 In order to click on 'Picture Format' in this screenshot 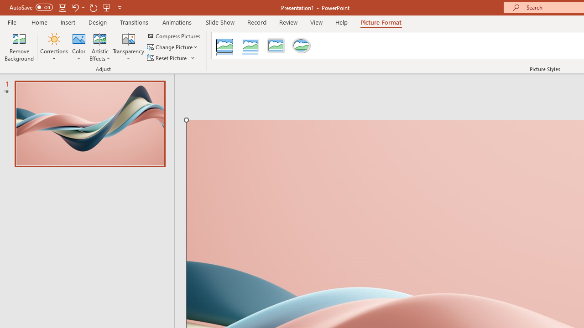, I will do `click(381, 22)`.